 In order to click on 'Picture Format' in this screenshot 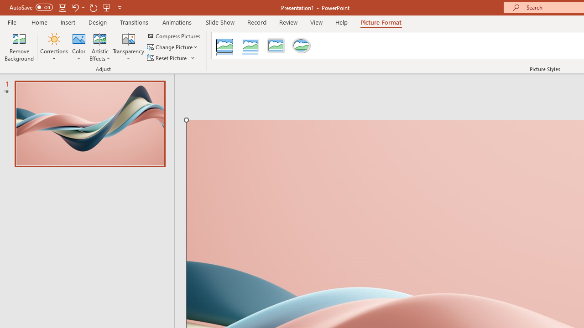, I will do `click(381, 22)`.